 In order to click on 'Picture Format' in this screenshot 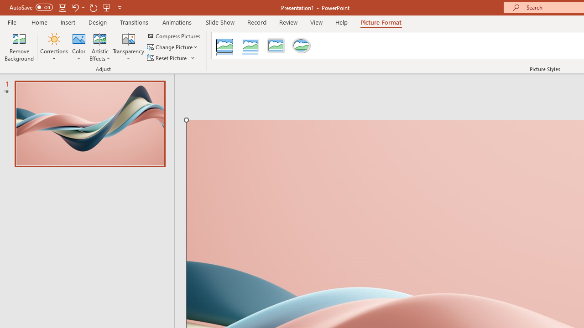, I will do `click(381, 22)`.